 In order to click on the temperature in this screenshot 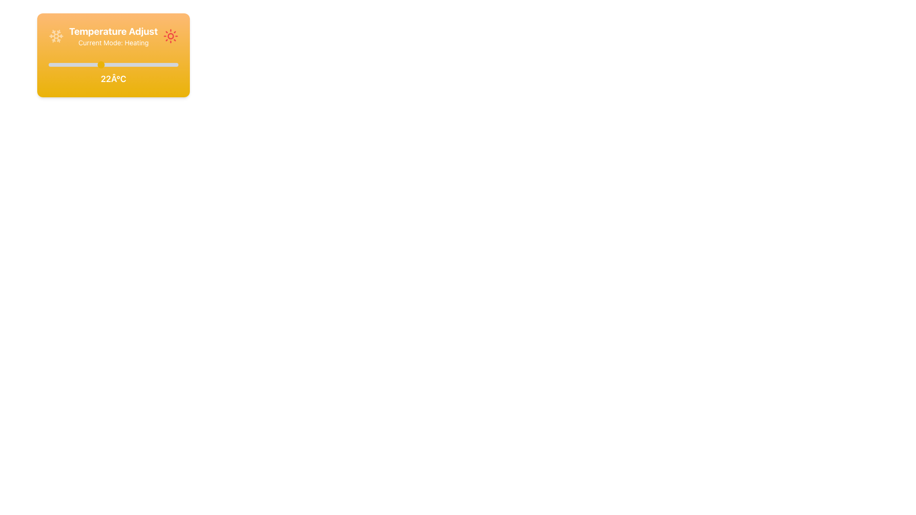, I will do `click(114, 64)`.